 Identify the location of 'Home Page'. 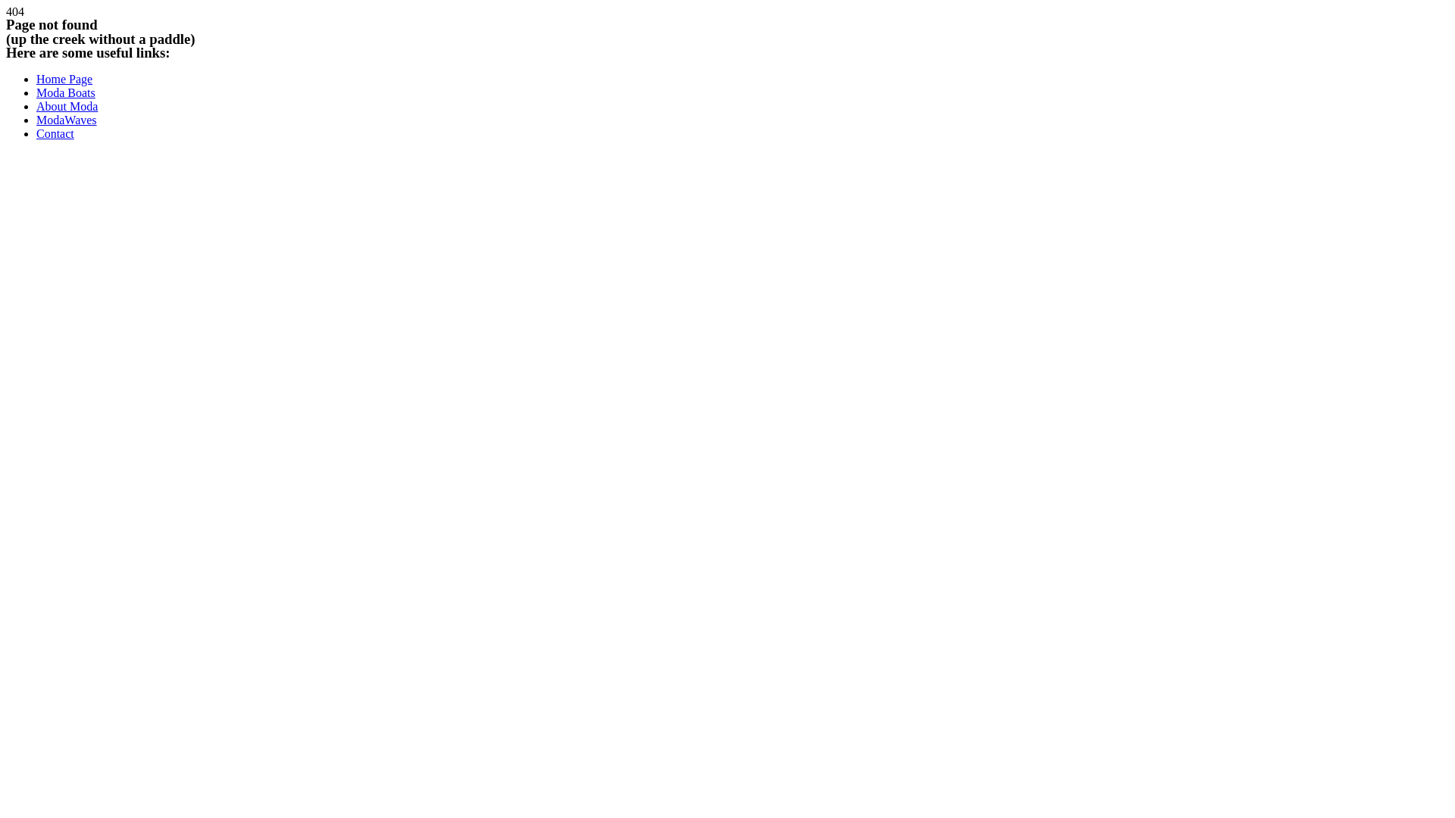
(64, 79).